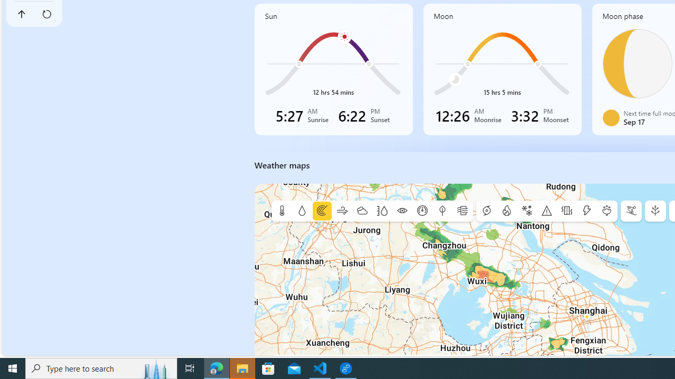 The width and height of the screenshot is (675, 379). I want to click on 'Precipitation', so click(301, 211).